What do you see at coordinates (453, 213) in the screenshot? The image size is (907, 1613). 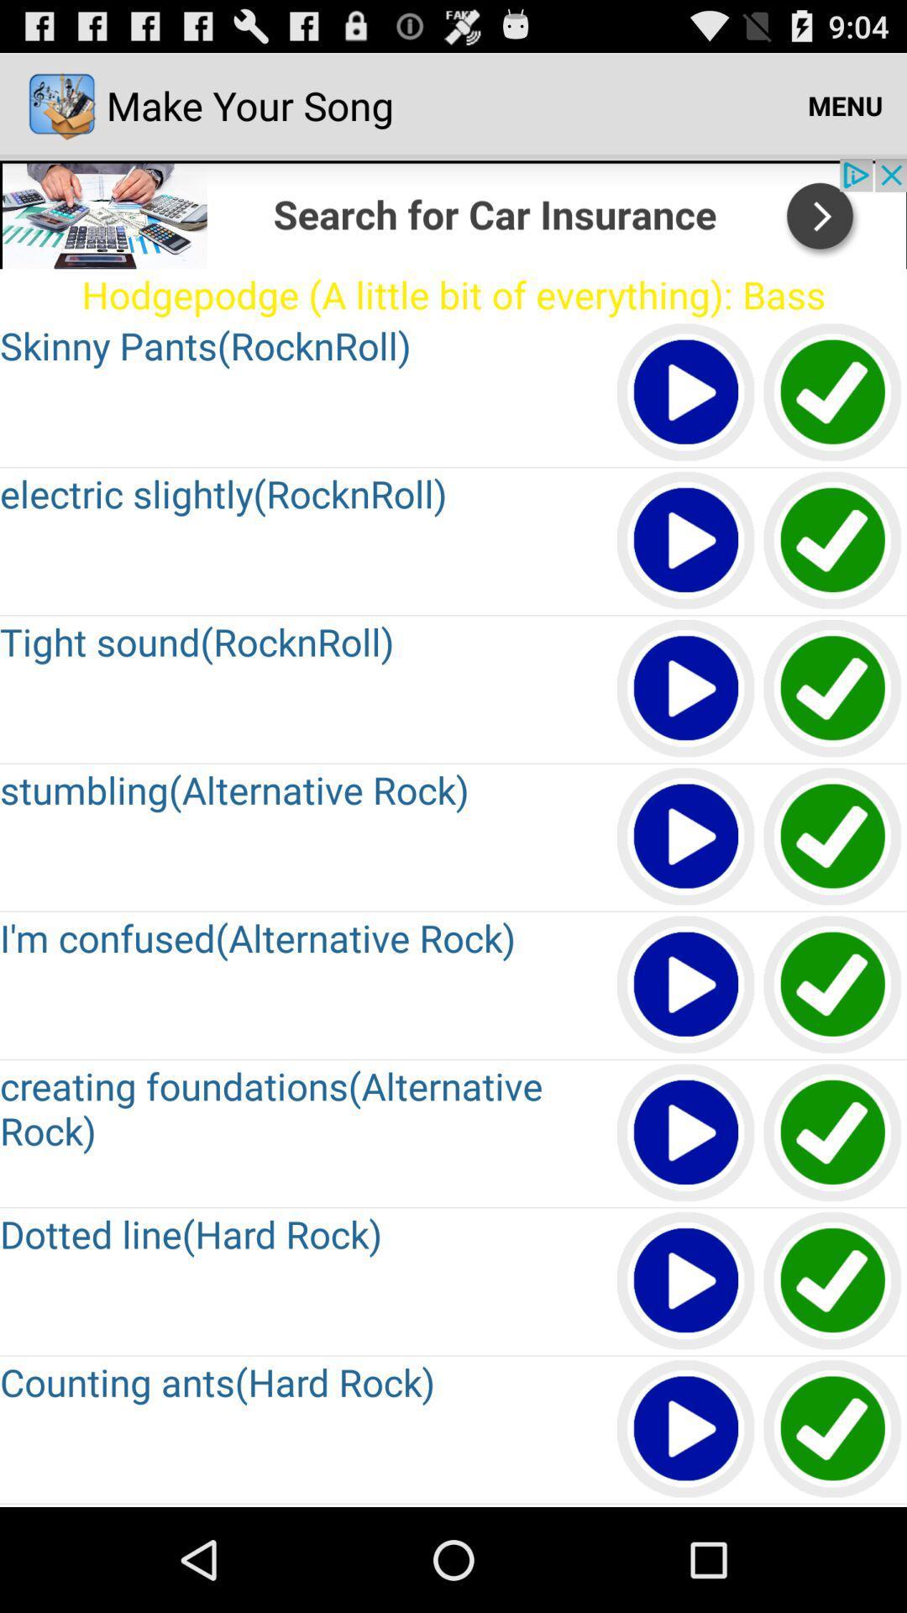 I see `click on add` at bounding box center [453, 213].